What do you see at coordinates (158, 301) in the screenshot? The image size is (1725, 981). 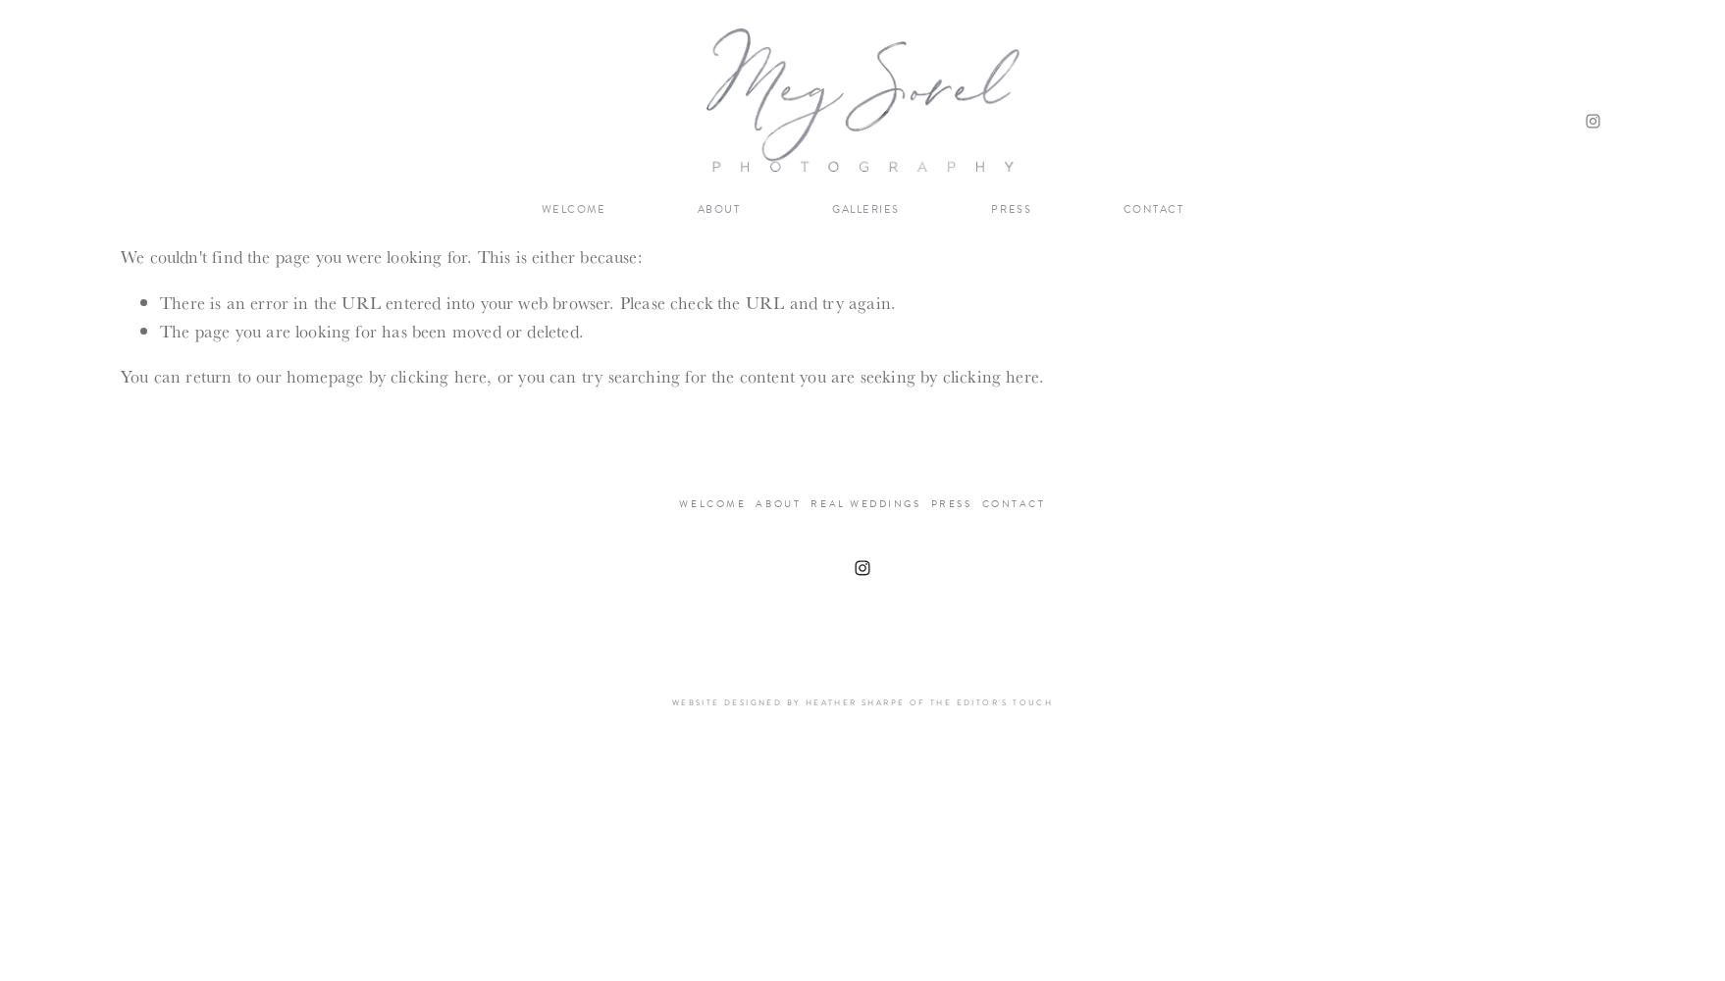 I see `'There is an error in the URL entered into your web browser. Please check the URL and try again.'` at bounding box center [158, 301].